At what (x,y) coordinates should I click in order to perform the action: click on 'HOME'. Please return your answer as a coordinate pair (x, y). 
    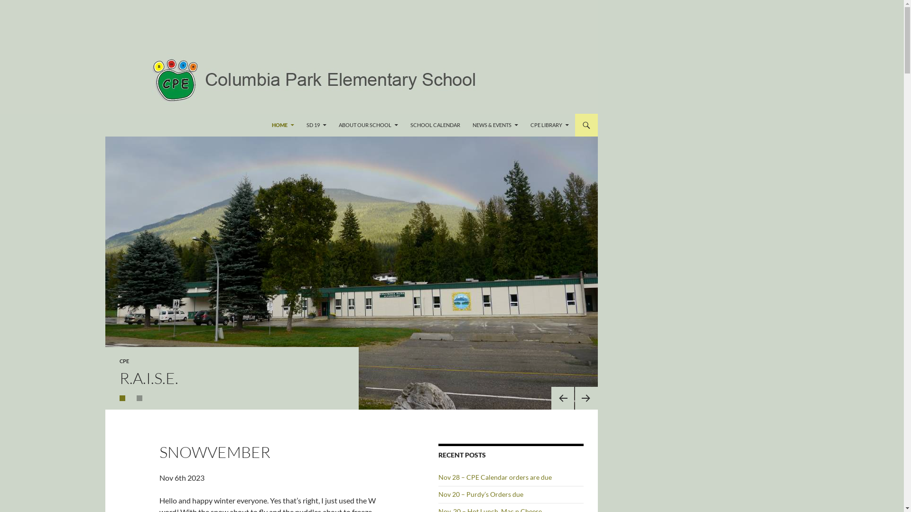
    Looking at the image, I should click on (282, 124).